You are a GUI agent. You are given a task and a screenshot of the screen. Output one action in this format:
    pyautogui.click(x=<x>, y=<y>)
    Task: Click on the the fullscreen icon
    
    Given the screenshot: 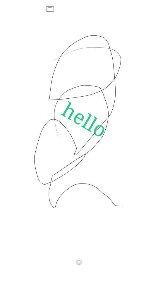 What is the action you would take?
    pyautogui.click(x=50, y=9)
    